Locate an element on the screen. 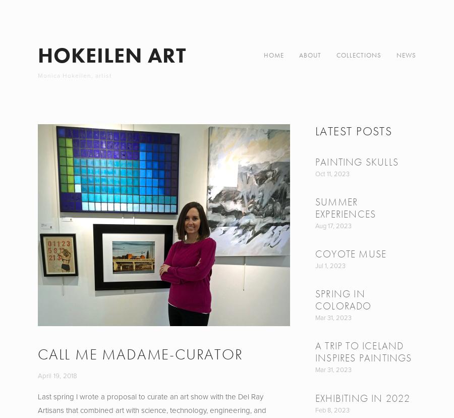 This screenshot has width=454, height=418. 'April 19, 2018' is located at coordinates (58, 374).